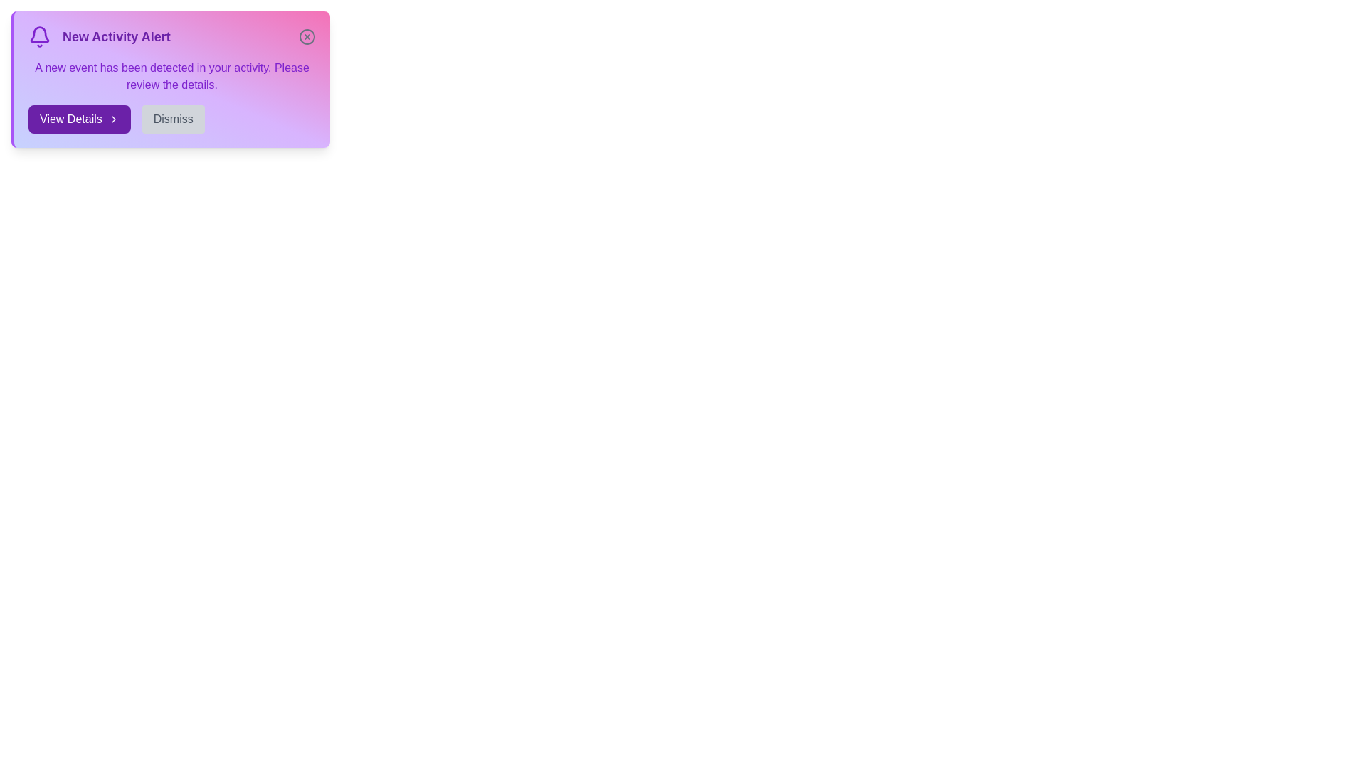 The height and width of the screenshot is (768, 1366). What do you see at coordinates (307, 36) in the screenshot?
I see `the close button to dismiss the alert` at bounding box center [307, 36].